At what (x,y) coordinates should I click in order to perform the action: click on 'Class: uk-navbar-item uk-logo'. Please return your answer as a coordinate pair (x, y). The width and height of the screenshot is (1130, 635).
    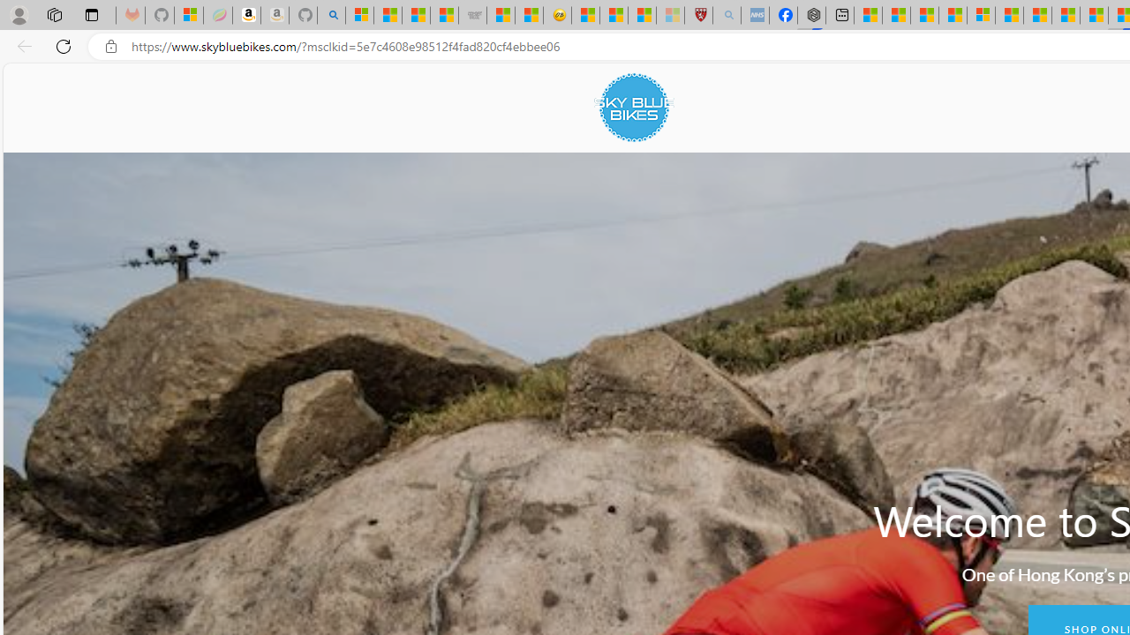
    Looking at the image, I should click on (634, 108).